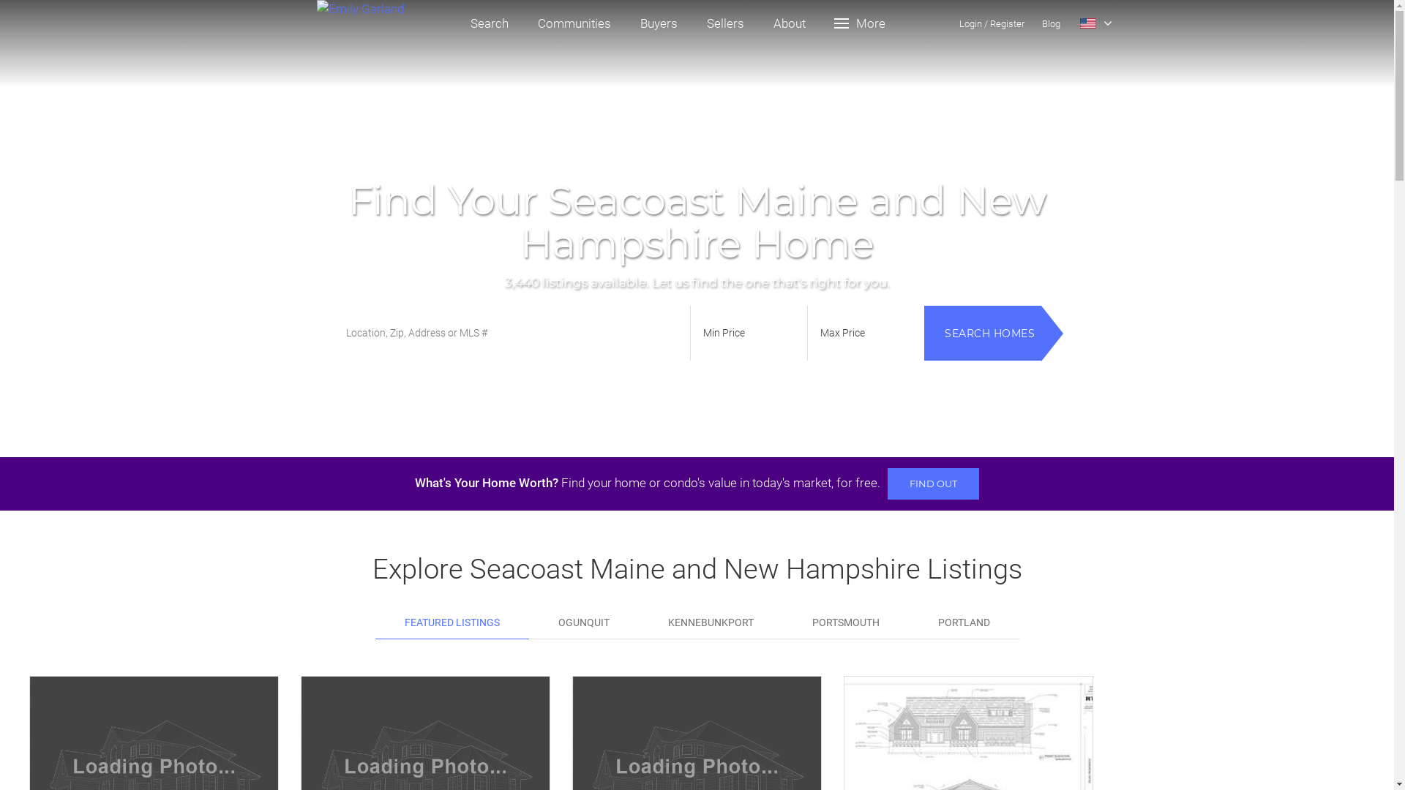  What do you see at coordinates (932, 484) in the screenshot?
I see `'FIND OUT'` at bounding box center [932, 484].